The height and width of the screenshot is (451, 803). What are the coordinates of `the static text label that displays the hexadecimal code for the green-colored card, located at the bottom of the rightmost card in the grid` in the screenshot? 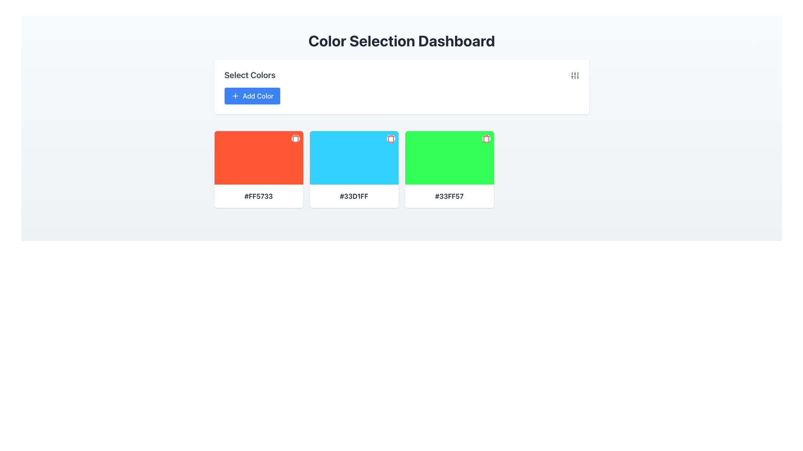 It's located at (449, 196).